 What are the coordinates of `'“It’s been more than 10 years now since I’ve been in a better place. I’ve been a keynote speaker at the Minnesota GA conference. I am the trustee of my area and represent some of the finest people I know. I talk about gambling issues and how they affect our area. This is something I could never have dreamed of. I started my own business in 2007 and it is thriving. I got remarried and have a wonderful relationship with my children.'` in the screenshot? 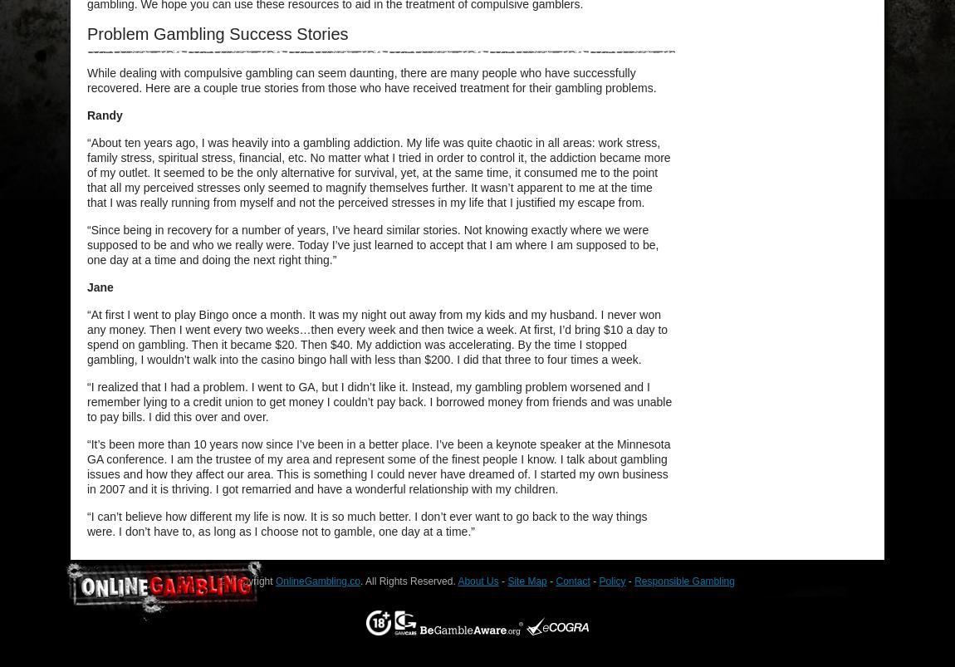 It's located at (378, 467).